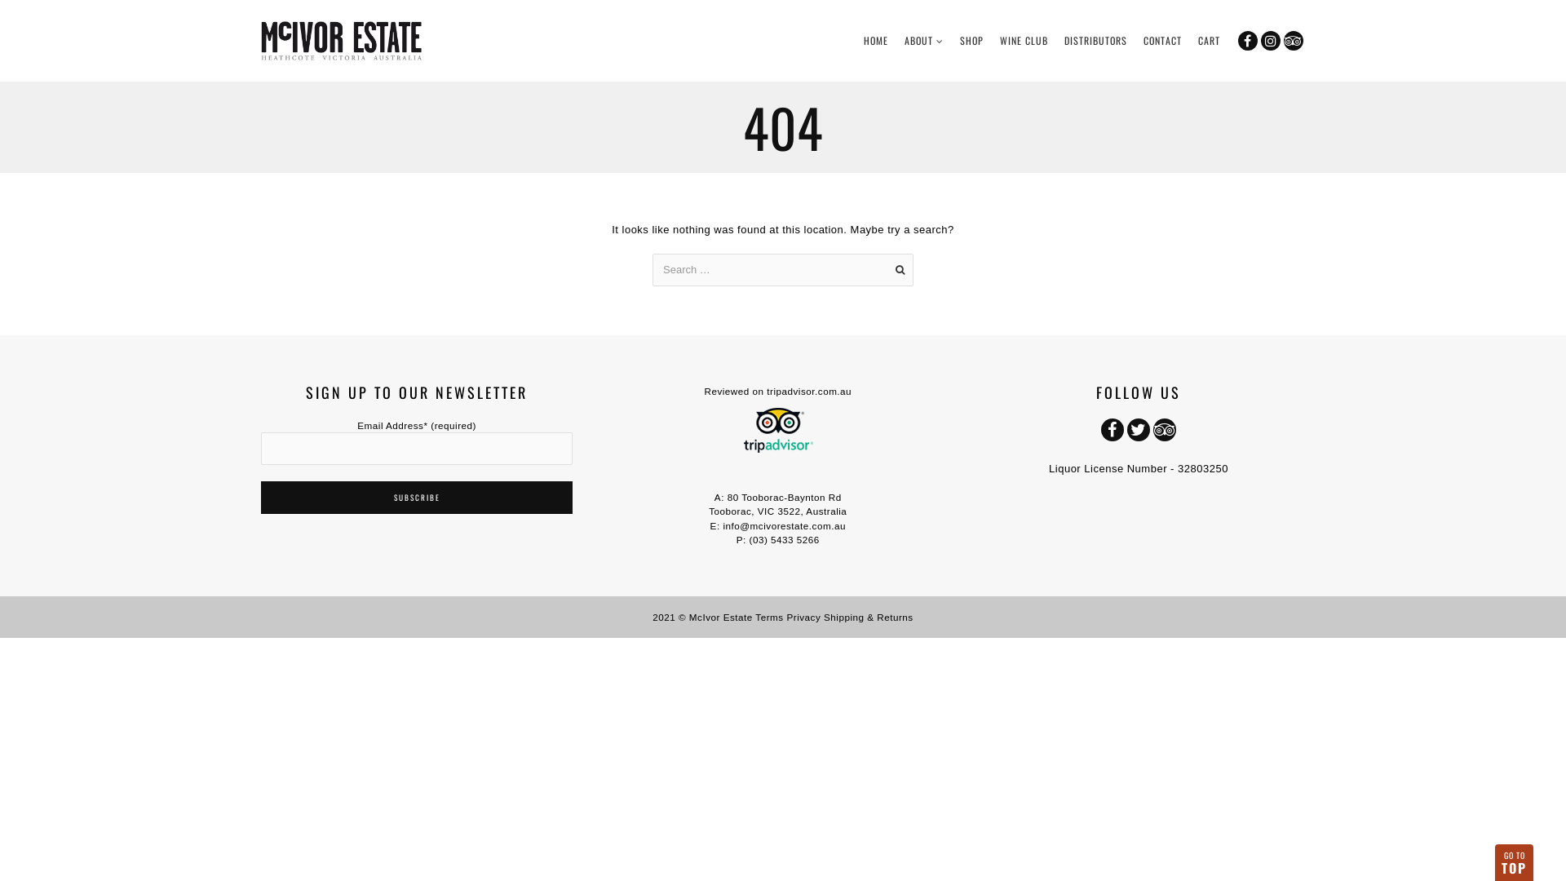 Image resolution: width=1566 pixels, height=881 pixels. I want to click on 'Privacy', so click(803, 617).